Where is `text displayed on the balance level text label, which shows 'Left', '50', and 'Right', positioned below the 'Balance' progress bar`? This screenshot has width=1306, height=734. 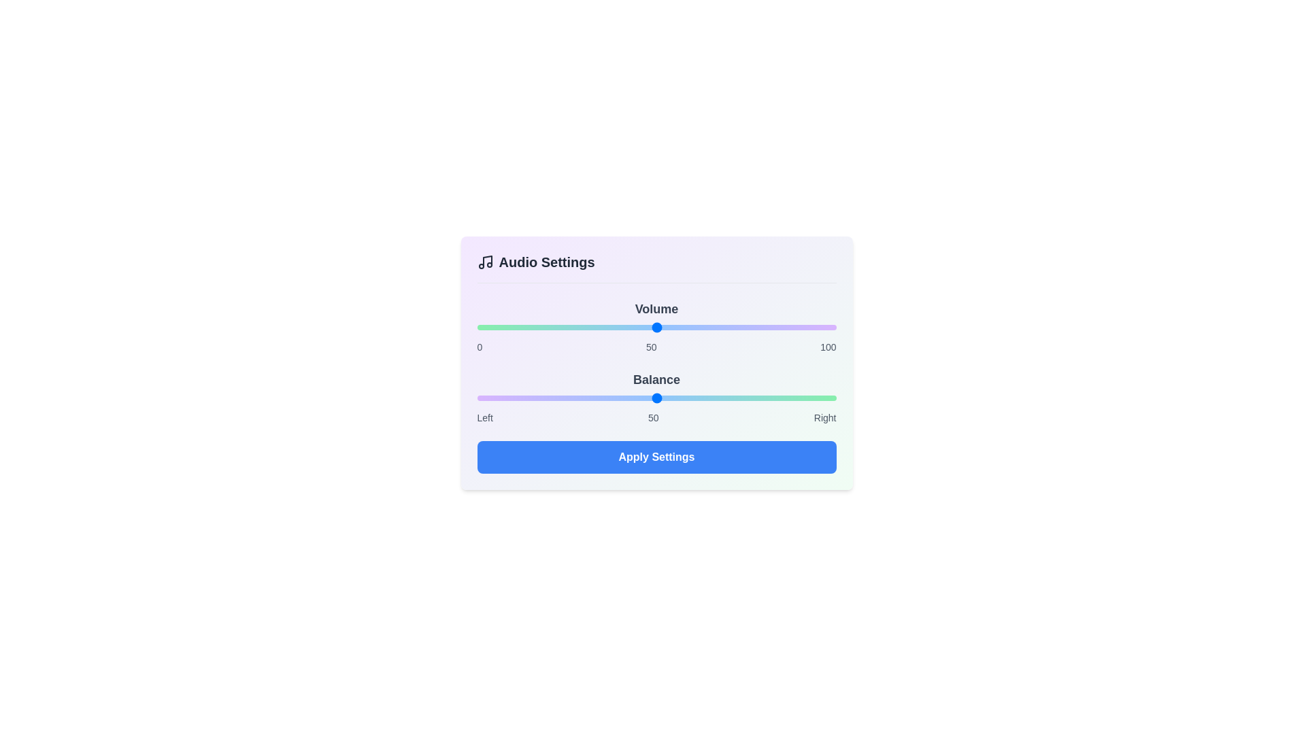 text displayed on the balance level text label, which shows 'Left', '50', and 'Right', positioned below the 'Balance' progress bar is located at coordinates (656, 417).